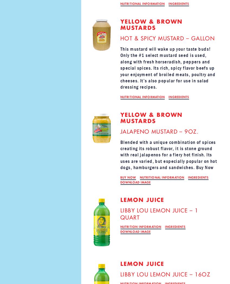 This screenshot has height=284, width=230. I want to click on 'JALAPENO MUSTARD – 9OZ.', so click(159, 131).